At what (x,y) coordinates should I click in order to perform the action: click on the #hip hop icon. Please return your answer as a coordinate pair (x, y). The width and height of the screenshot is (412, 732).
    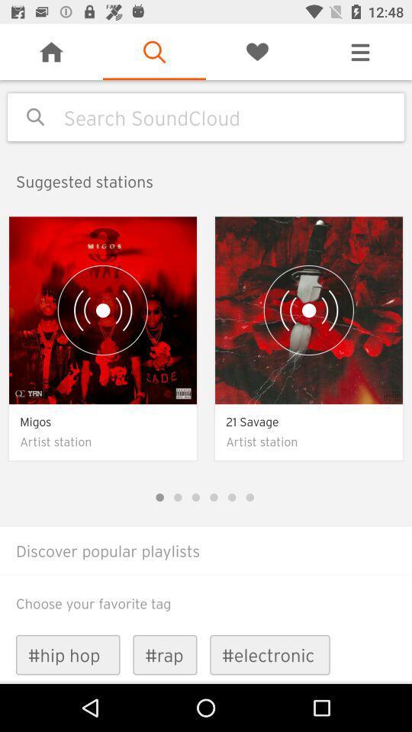
    Looking at the image, I should click on (67, 654).